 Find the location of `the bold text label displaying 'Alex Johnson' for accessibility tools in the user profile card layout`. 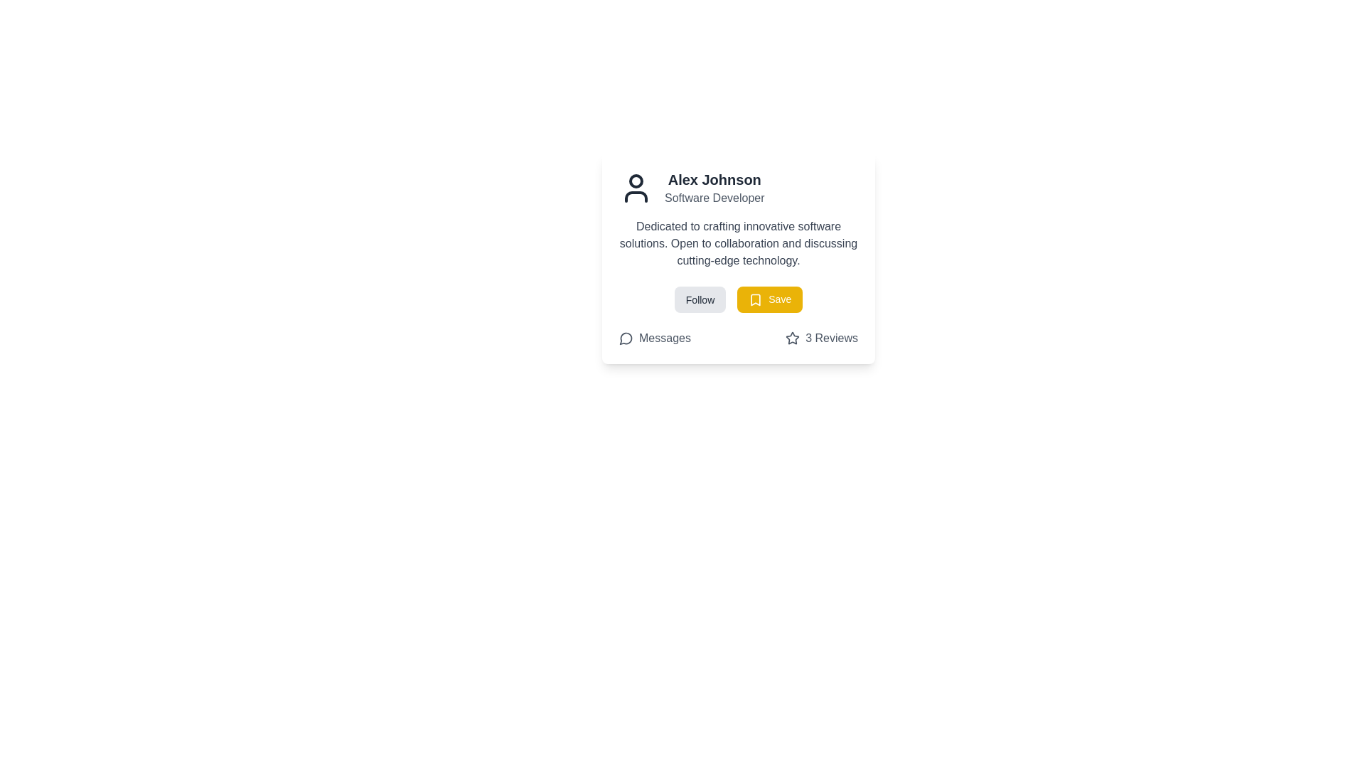

the bold text label displaying 'Alex Johnson' for accessibility tools in the user profile card layout is located at coordinates (714, 179).